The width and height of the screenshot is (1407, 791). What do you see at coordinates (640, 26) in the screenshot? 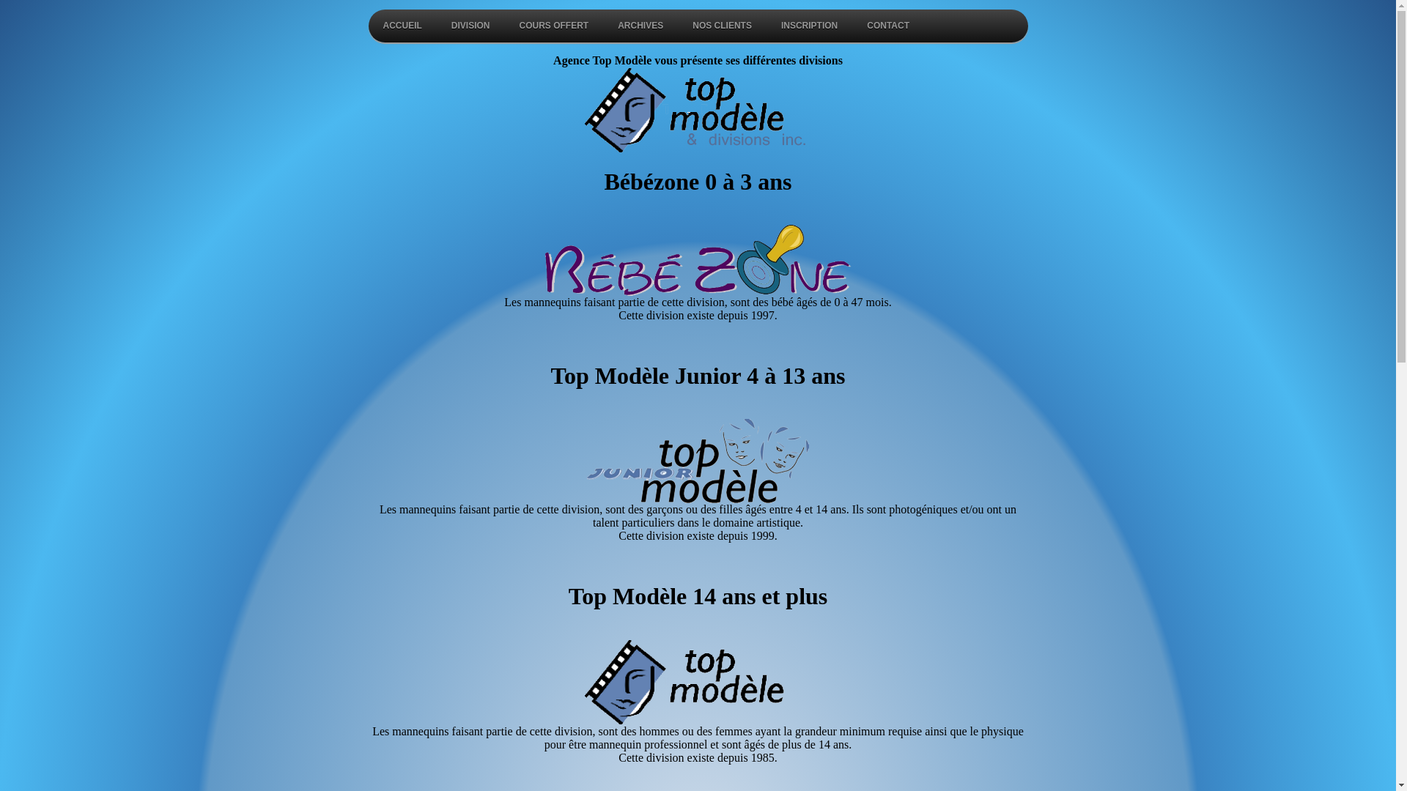
I see `'ARCHIVES'` at bounding box center [640, 26].